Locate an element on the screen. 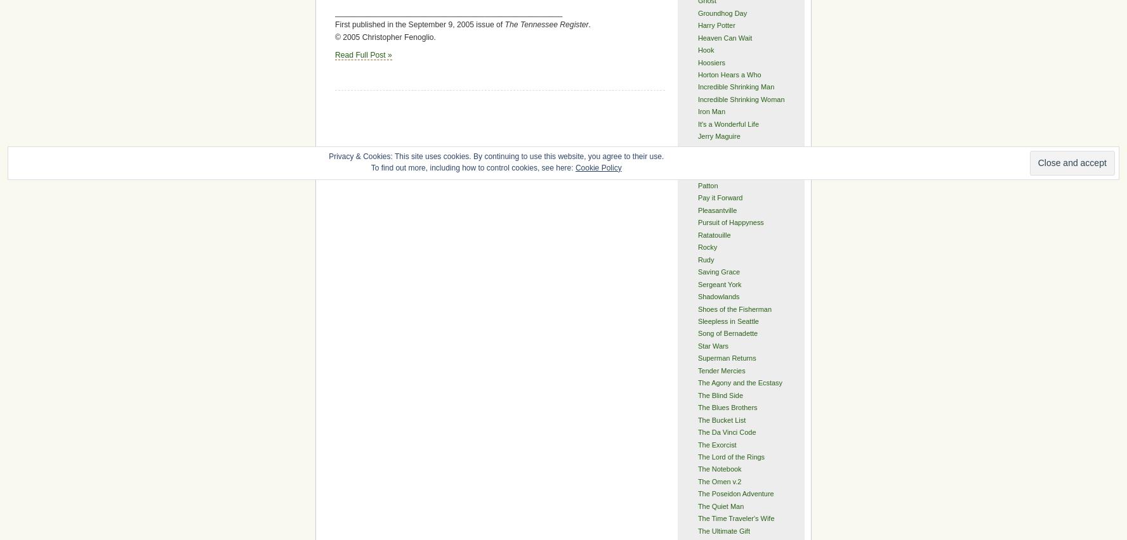 This screenshot has height=540, width=1127. '© 2005 Christopher Fenoglio.' is located at coordinates (385, 37).